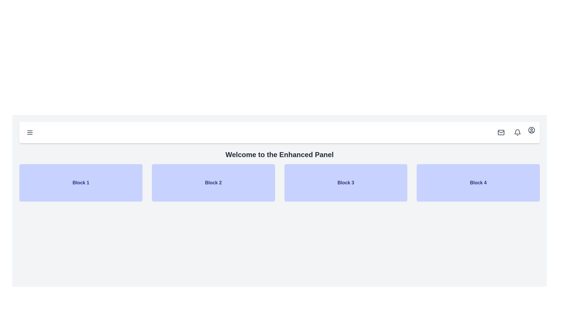 The image size is (563, 316). Describe the element at coordinates (478, 182) in the screenshot. I see `the static display element labeled 'Block 4', which is the last in a series of four blocks located in the bottom-right section of the row` at that location.